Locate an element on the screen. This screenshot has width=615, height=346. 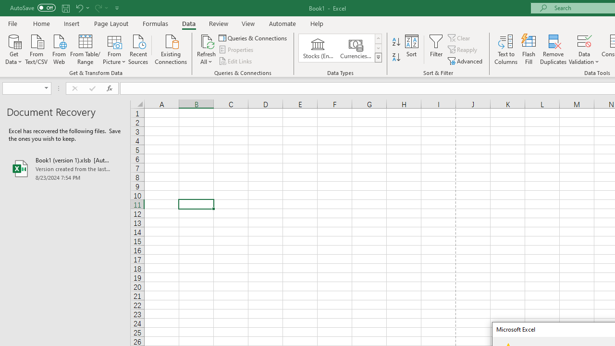
'Data Validation...' is located at coordinates (584, 40).